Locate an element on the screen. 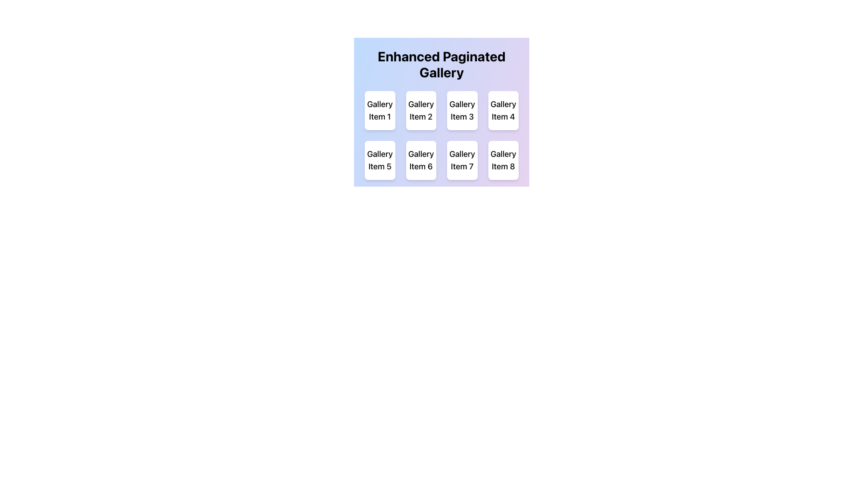 This screenshot has height=480, width=854. the button-like interactive card labeled 'Gallery Item 5', which is located in the second row and first column of the grid layout is located at coordinates (380, 160).